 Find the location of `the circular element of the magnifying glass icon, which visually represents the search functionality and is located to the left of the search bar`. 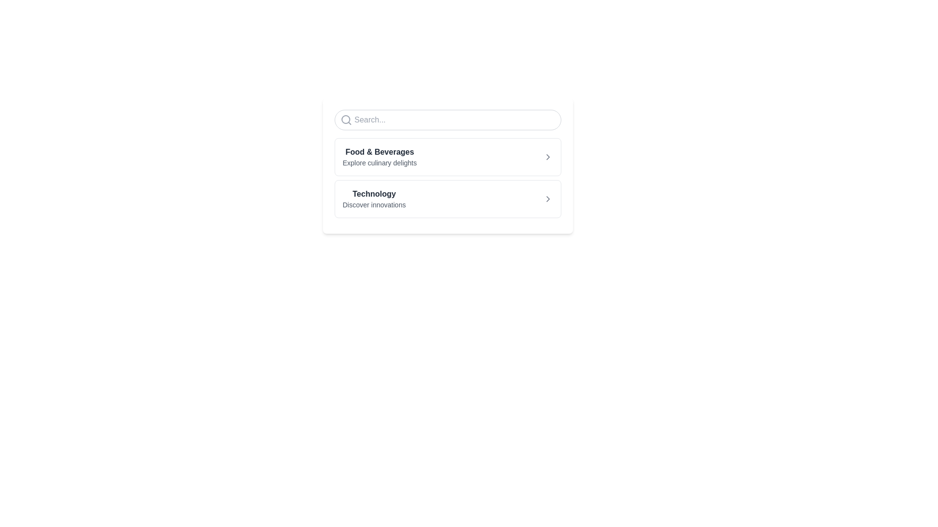

the circular element of the magnifying glass icon, which visually represents the search functionality and is located to the left of the search bar is located at coordinates (345, 119).